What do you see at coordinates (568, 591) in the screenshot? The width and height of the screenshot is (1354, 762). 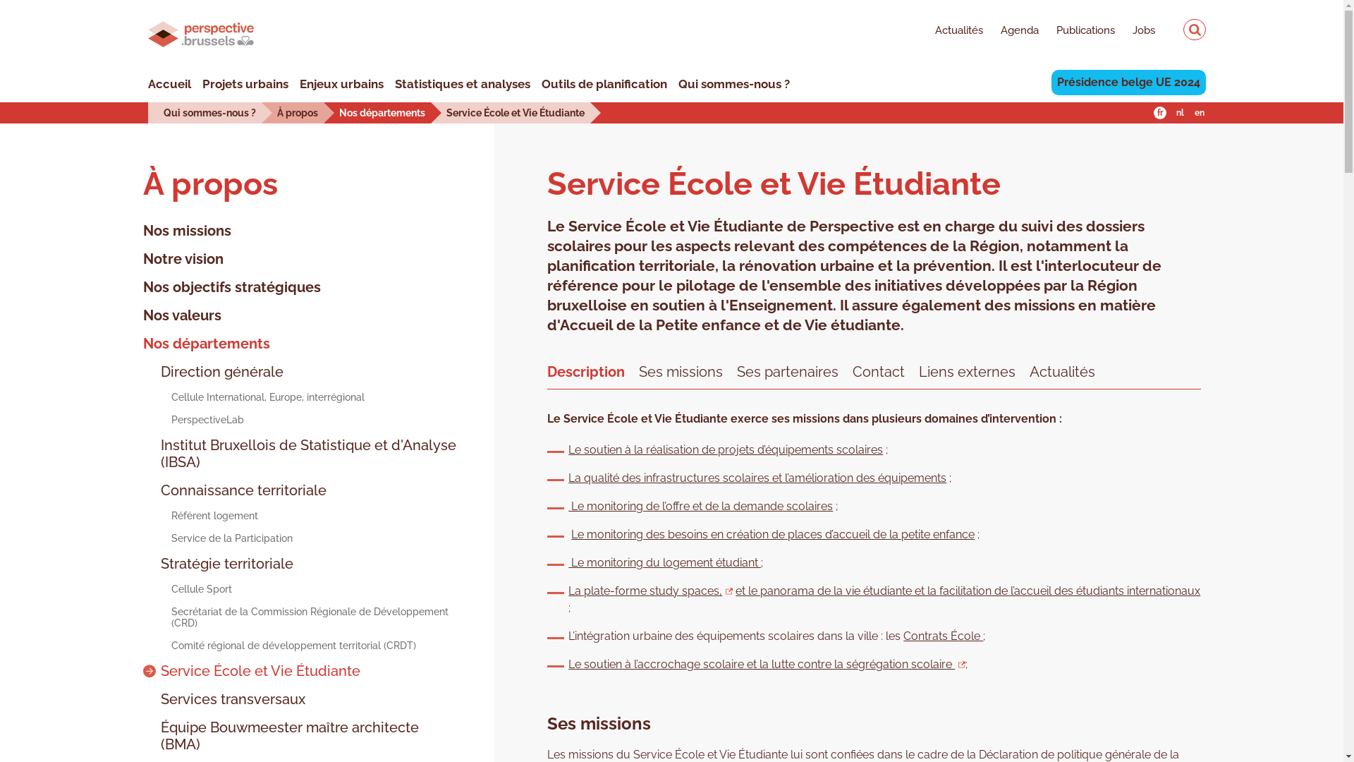 I see `'La plate-forme study spaces,'` at bounding box center [568, 591].